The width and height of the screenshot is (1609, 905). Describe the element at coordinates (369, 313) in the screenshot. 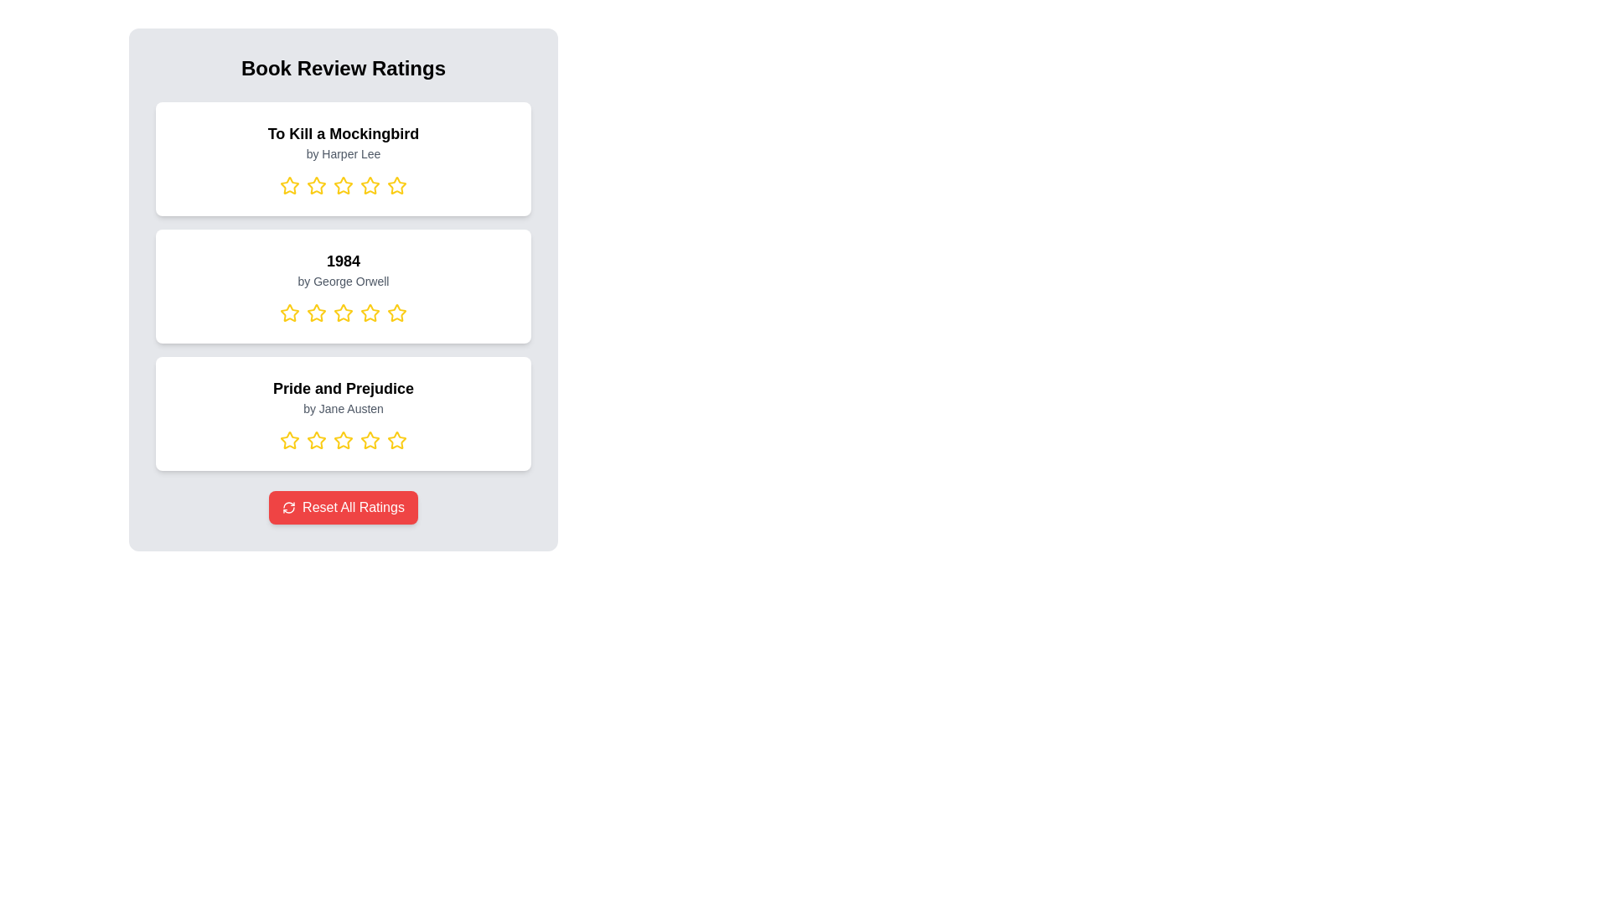

I see `the rating for a book by selecting 4 stars for the book titled 1984` at that location.